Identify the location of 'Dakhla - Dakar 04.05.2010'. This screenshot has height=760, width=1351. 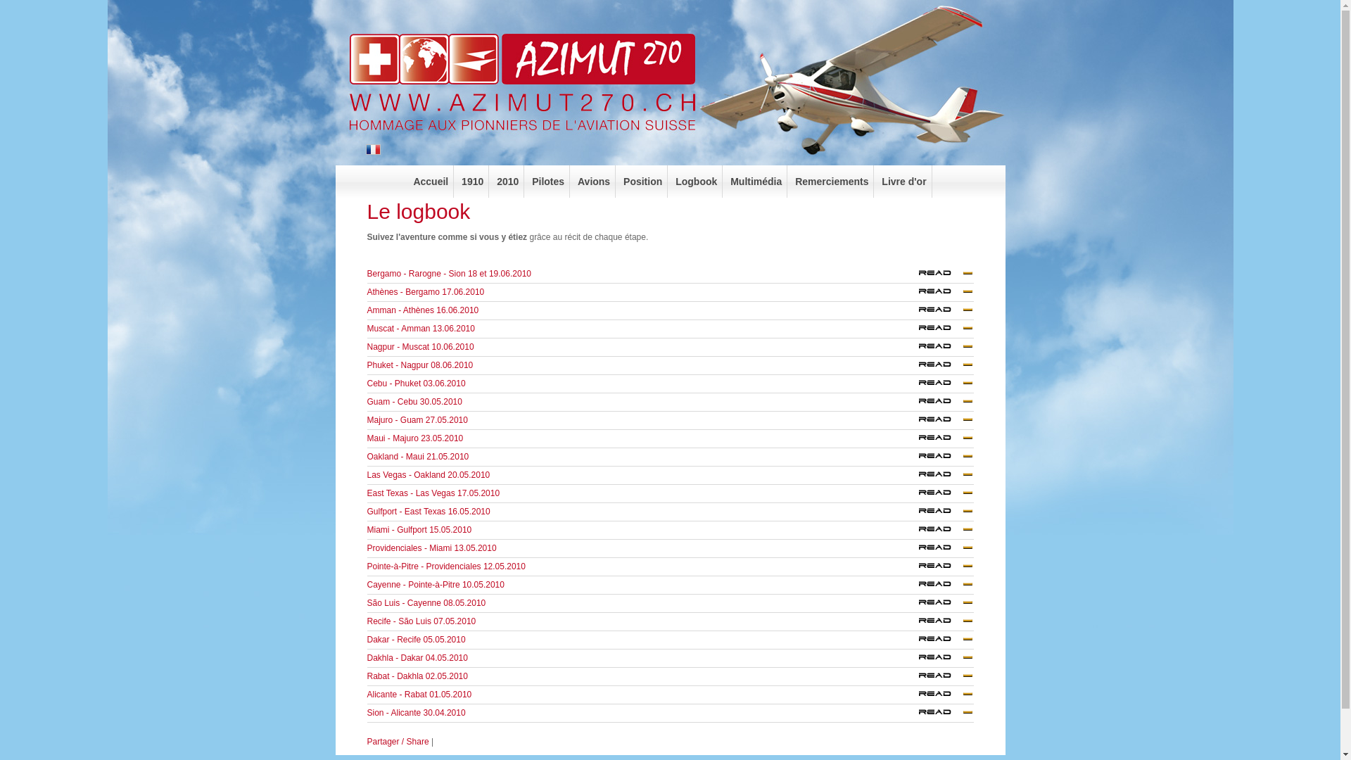
(417, 657).